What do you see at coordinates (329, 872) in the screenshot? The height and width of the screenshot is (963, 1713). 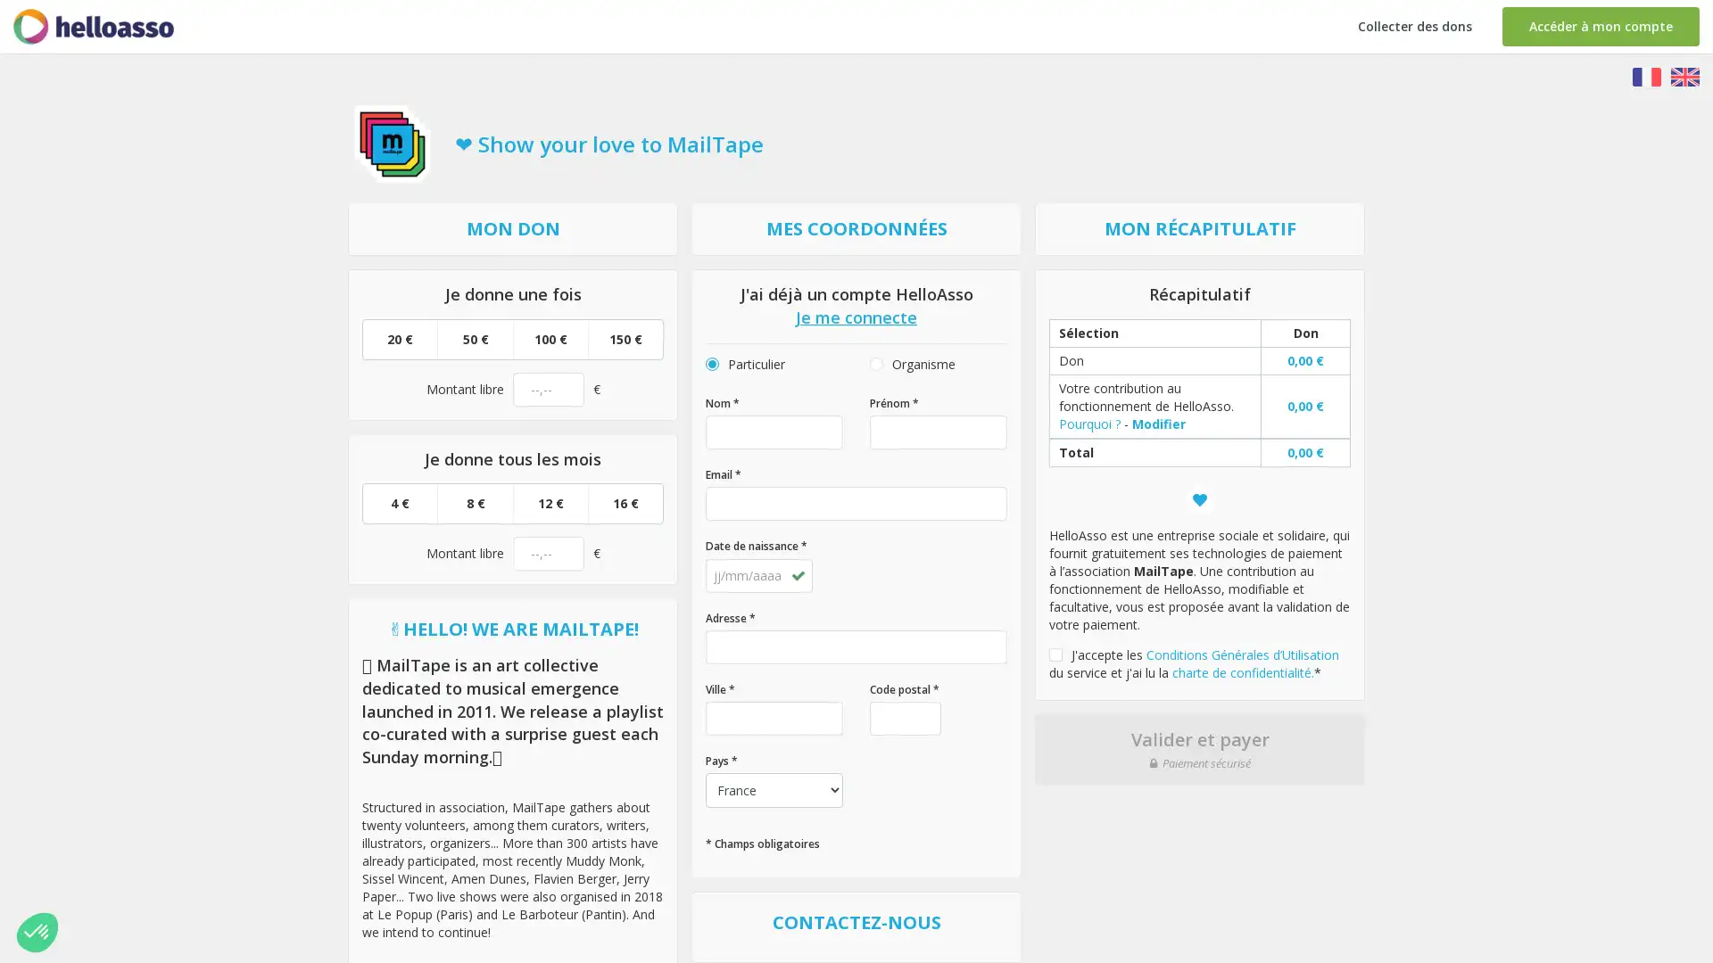 I see `Tout accepter` at bounding box center [329, 872].